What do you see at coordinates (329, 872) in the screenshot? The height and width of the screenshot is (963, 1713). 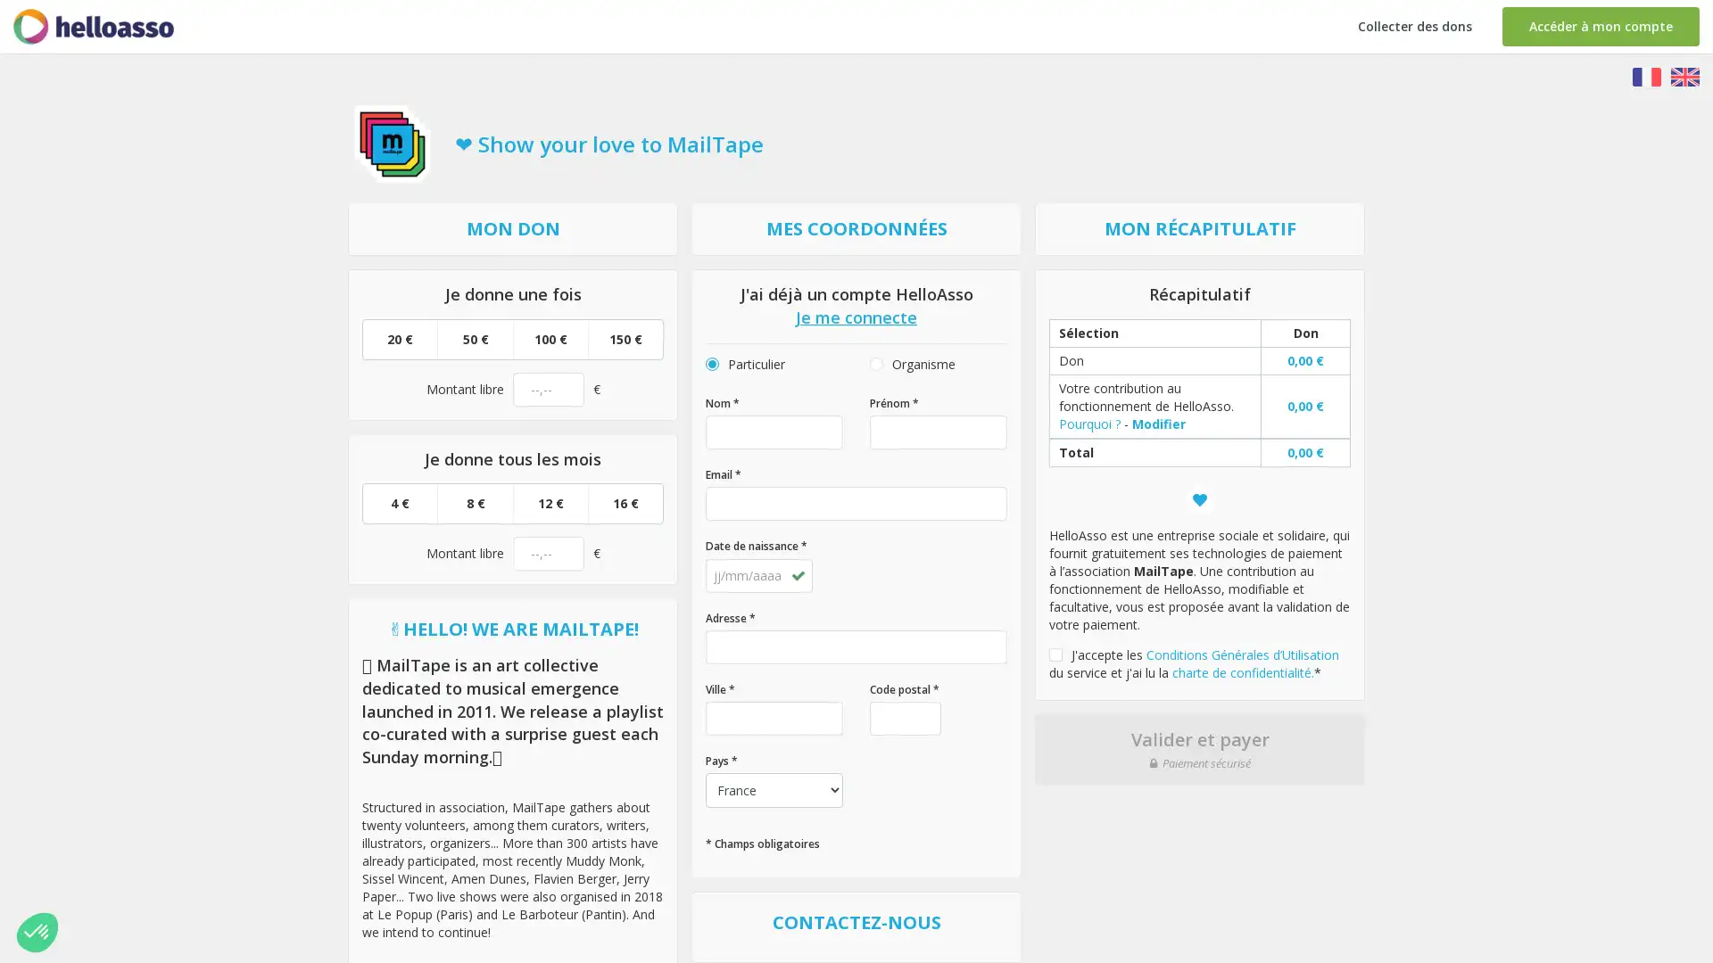 I see `Tout accepter` at bounding box center [329, 872].